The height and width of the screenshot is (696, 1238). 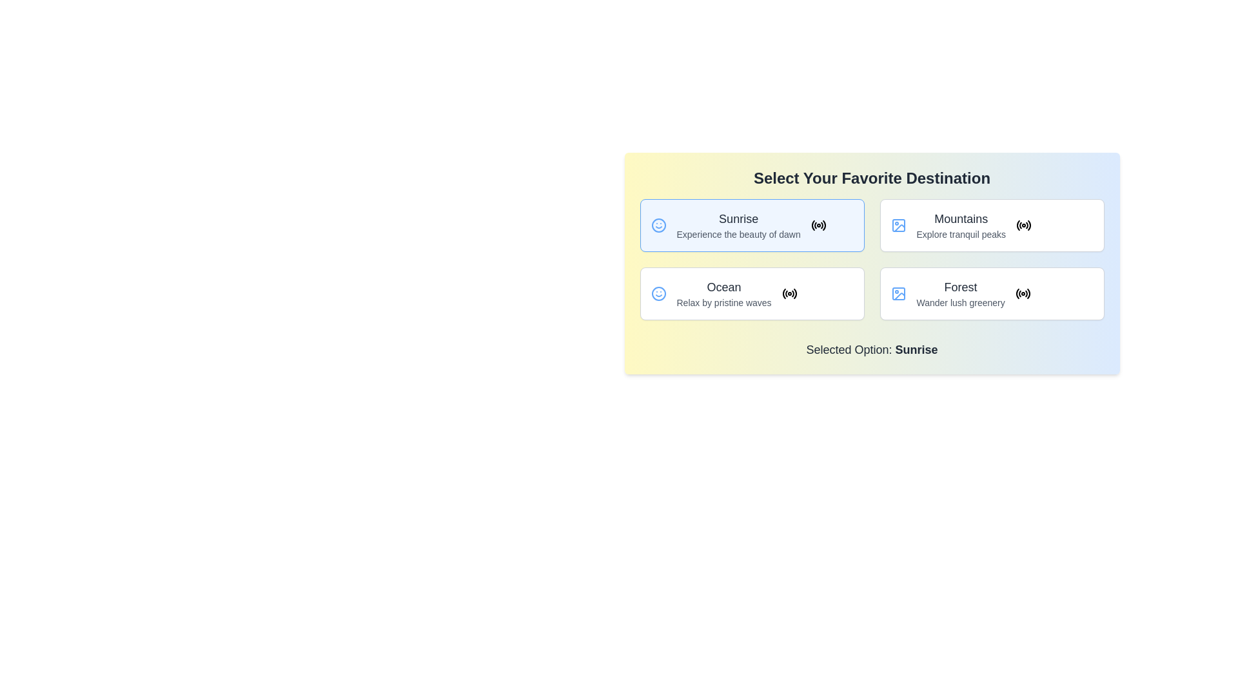 What do you see at coordinates (752, 293) in the screenshot?
I see `the 'Ocean' destination card, which is the third card in a grid of selectable options` at bounding box center [752, 293].